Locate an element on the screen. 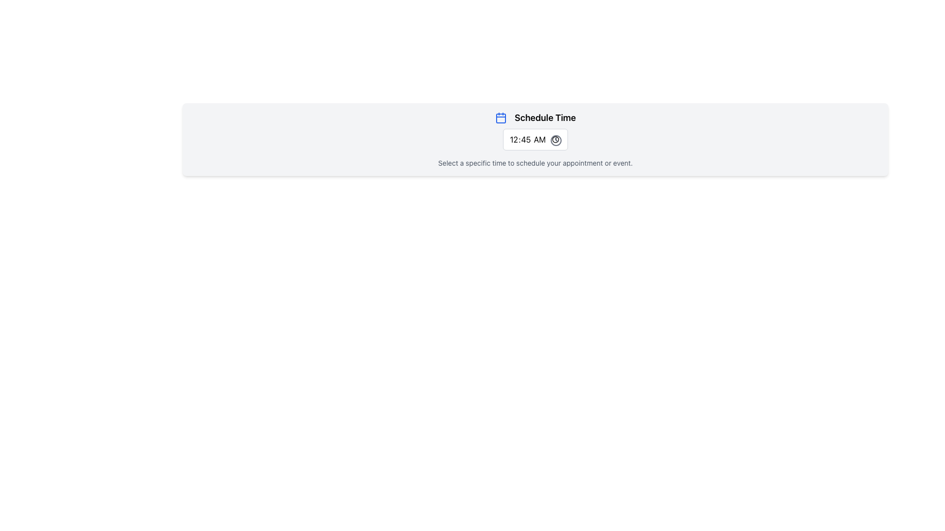  the calendar icon with a blue stroke, which is located immediately to the left of the 'Schedule Time' text is located at coordinates (501, 117).